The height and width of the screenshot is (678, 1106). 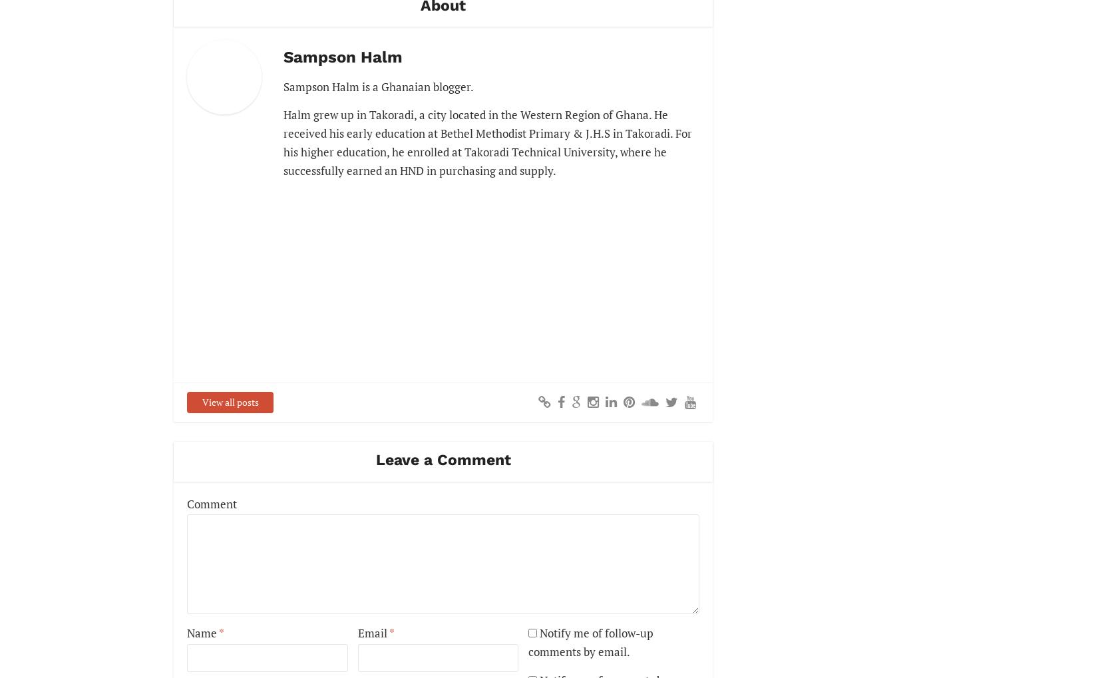 What do you see at coordinates (212, 502) in the screenshot?
I see `'Comment'` at bounding box center [212, 502].